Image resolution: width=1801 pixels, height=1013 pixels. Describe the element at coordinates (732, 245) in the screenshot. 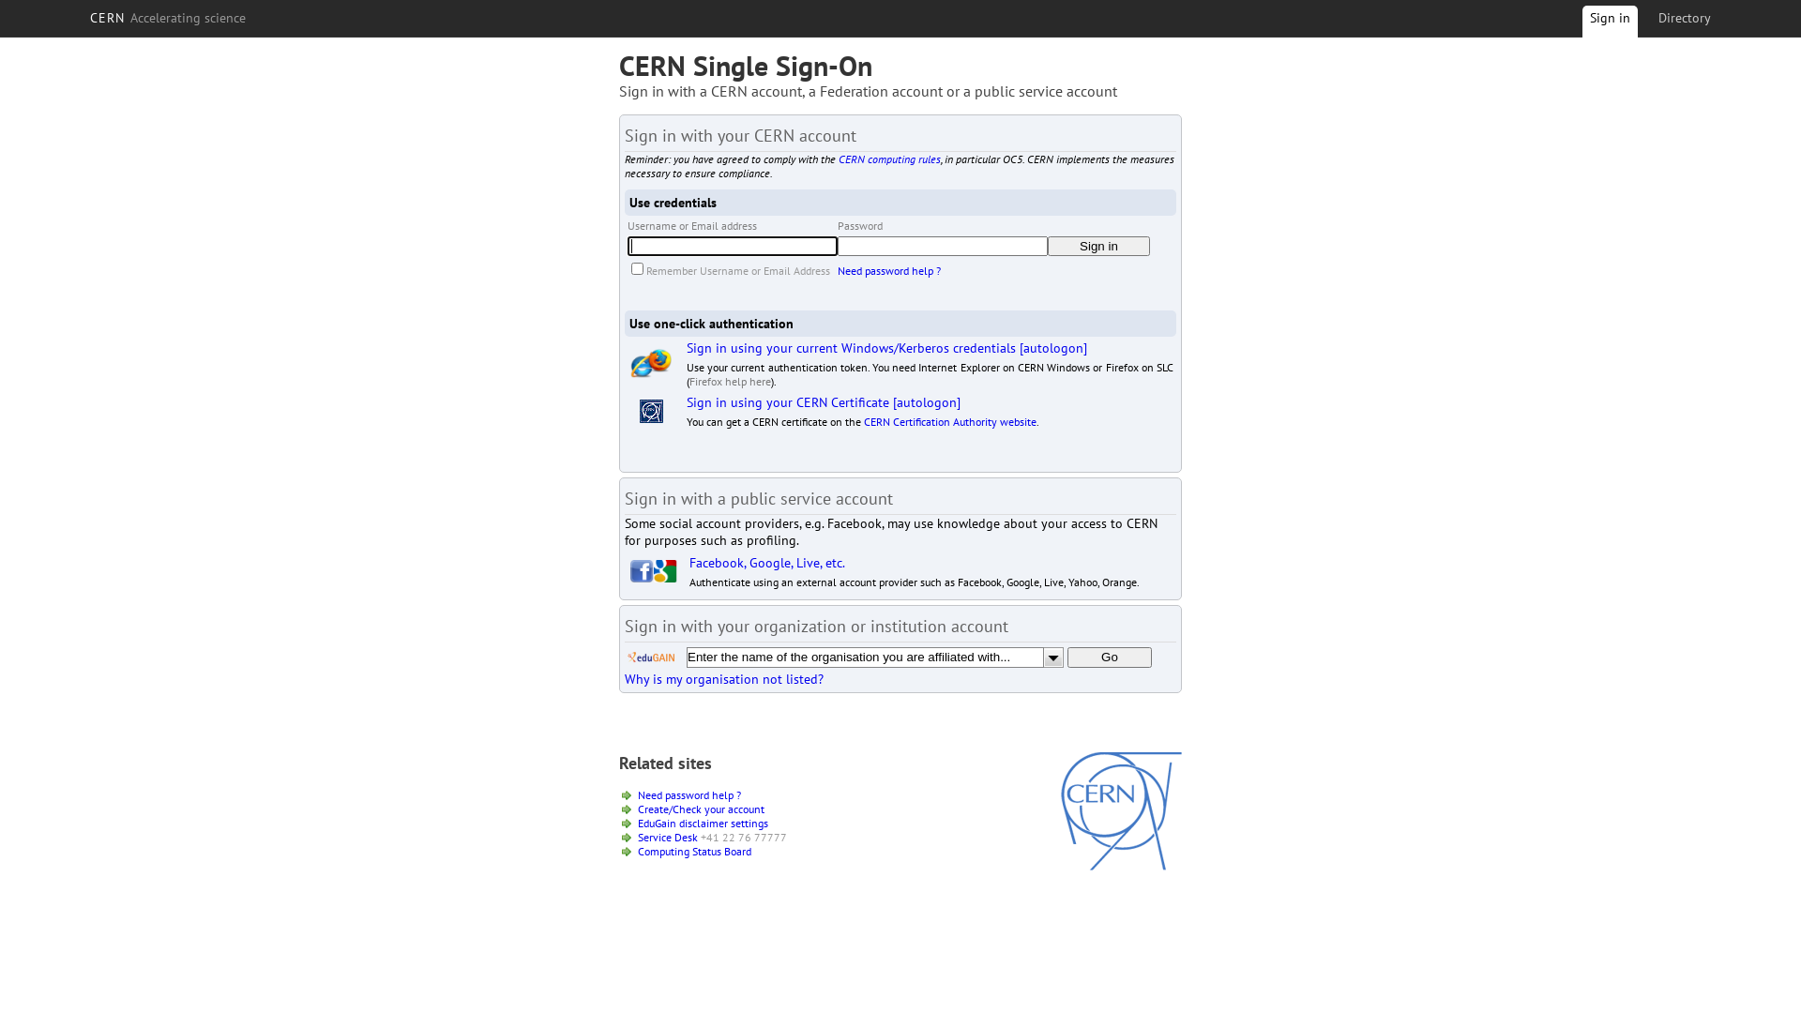

I see `'Enter your Username or Email Address'` at that location.